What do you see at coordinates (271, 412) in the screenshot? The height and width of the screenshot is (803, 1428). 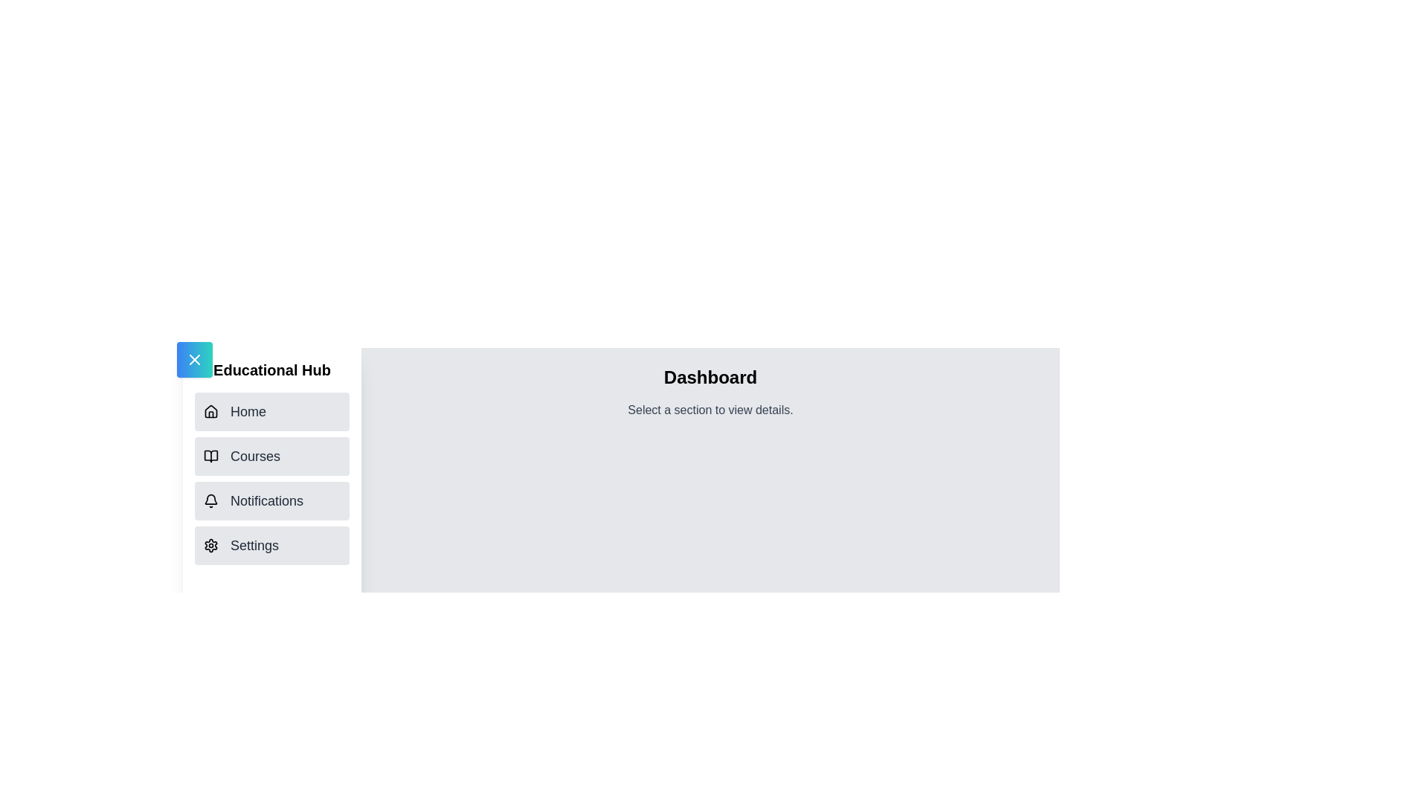 I see `the section Home from the navigation list` at bounding box center [271, 412].